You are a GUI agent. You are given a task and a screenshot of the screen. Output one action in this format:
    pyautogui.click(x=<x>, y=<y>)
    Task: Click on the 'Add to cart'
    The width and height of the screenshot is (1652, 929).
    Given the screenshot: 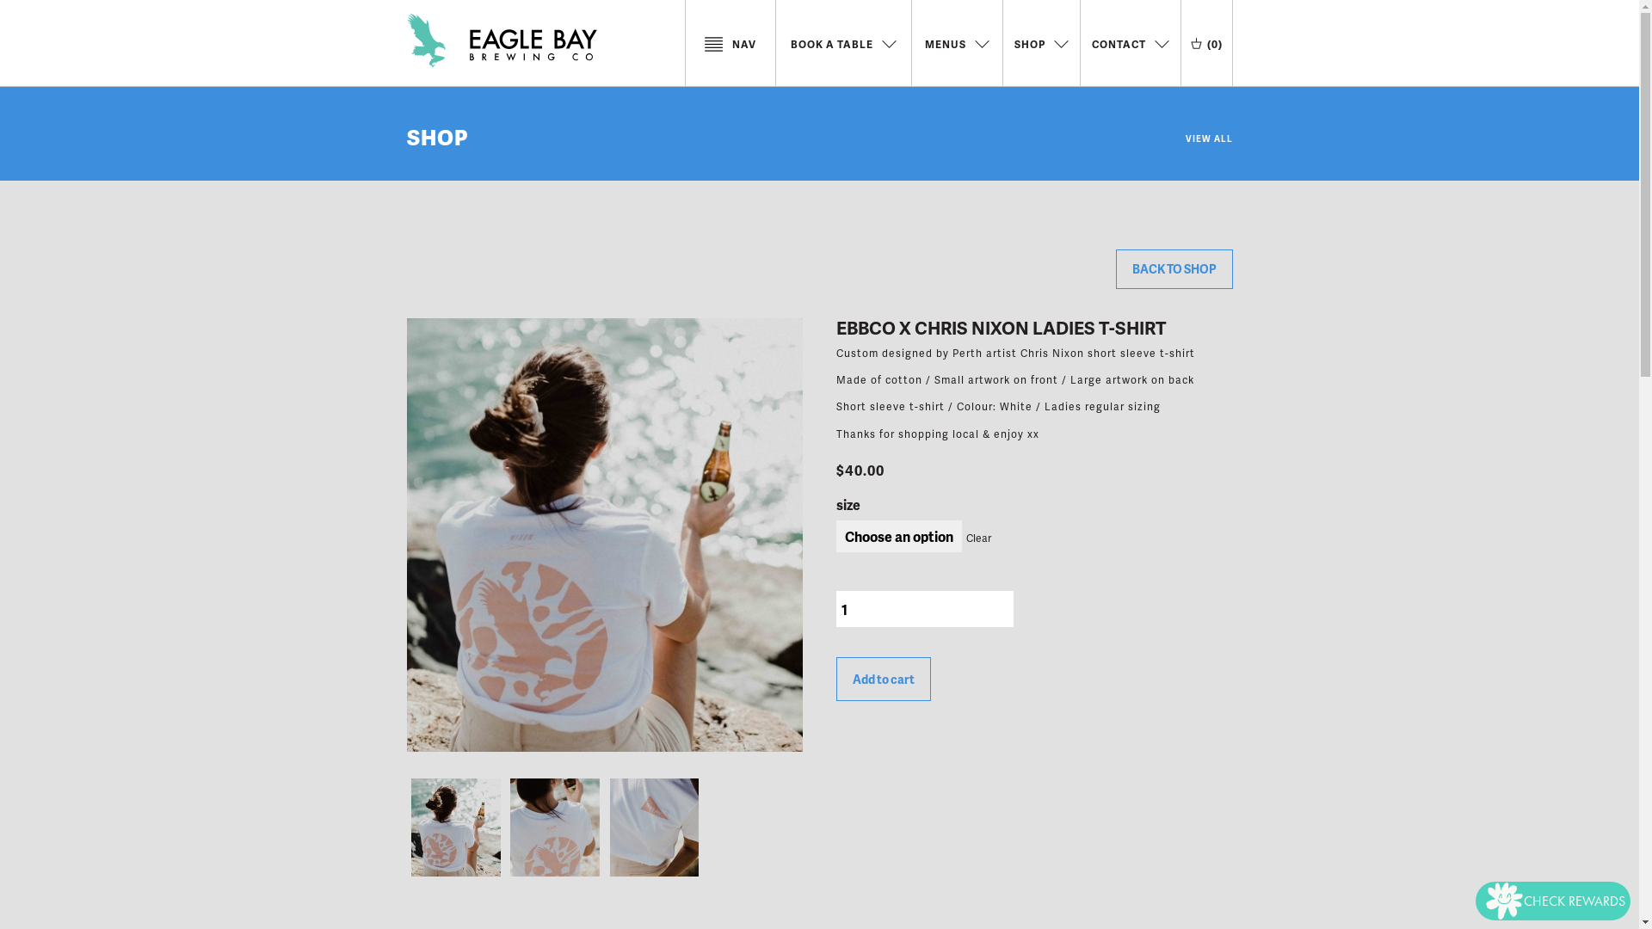 What is the action you would take?
    pyautogui.click(x=835, y=678)
    